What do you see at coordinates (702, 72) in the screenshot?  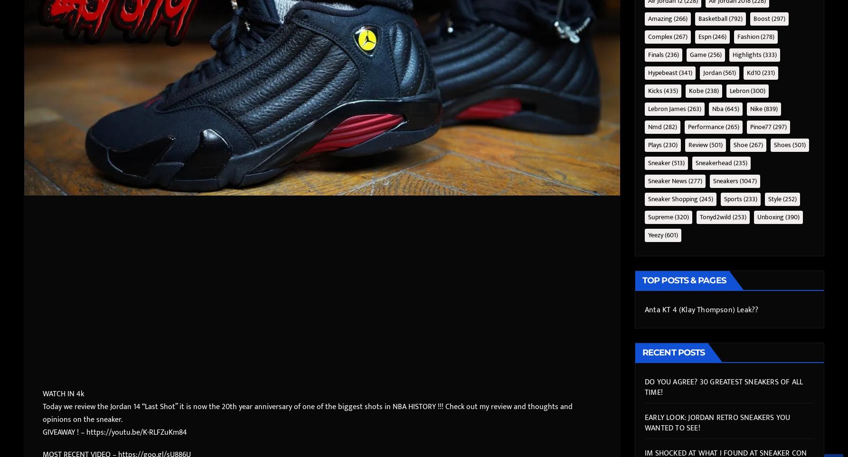 I see `'Jordan'` at bounding box center [702, 72].